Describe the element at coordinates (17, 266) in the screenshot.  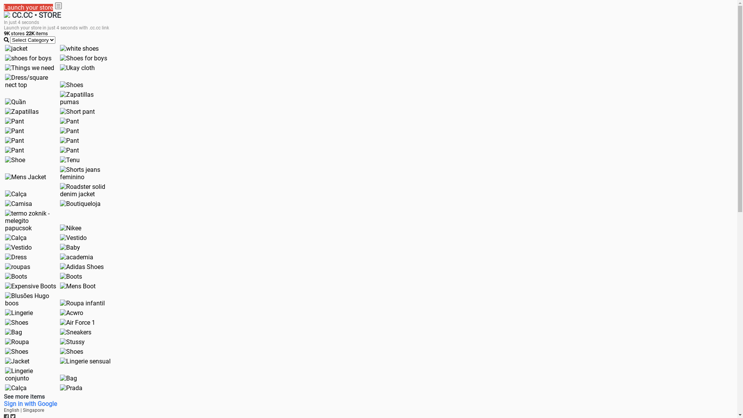
I see `'roupas'` at that location.